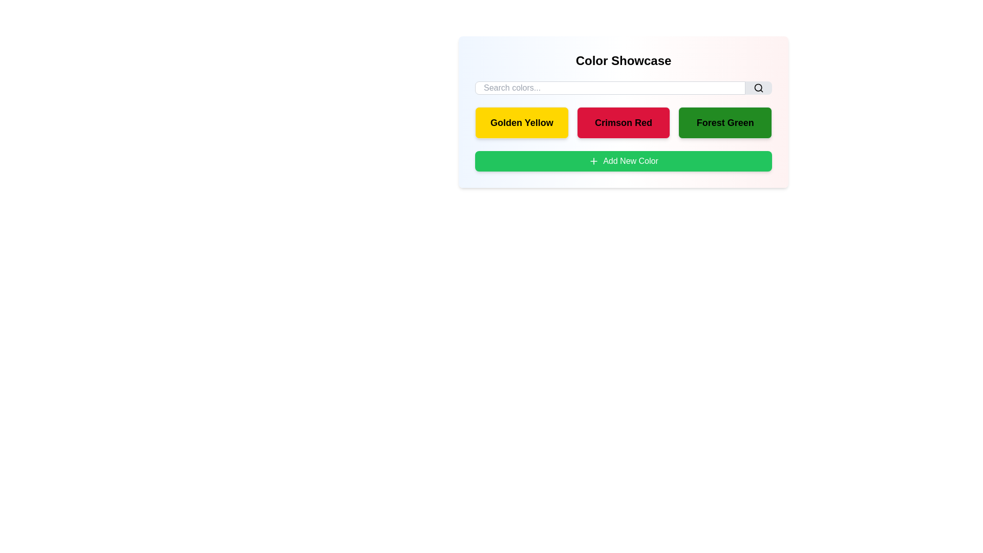  Describe the element at coordinates (623, 161) in the screenshot. I see `the button located at the bottom of the 'Color Showcase' section to change its appearance` at that location.